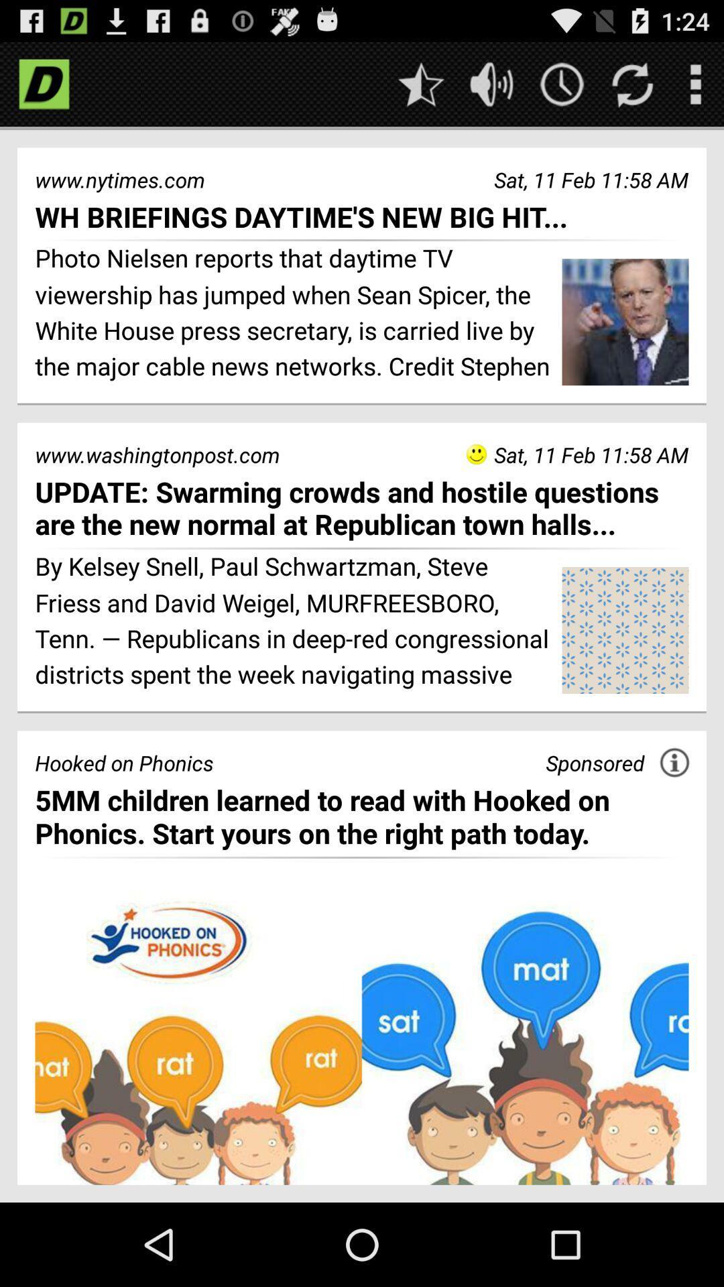  Describe the element at coordinates (632, 83) in the screenshot. I see `refresh page` at that location.